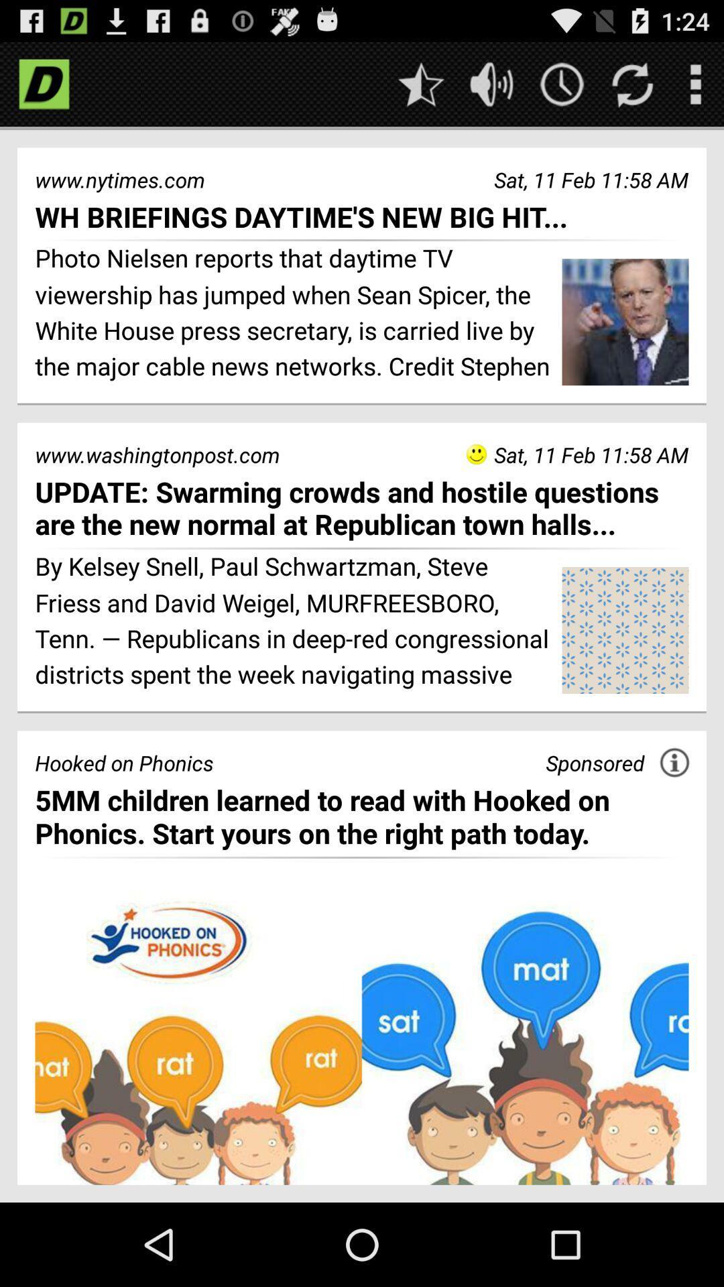  Describe the element at coordinates (632, 83) in the screenshot. I see `refresh page` at that location.